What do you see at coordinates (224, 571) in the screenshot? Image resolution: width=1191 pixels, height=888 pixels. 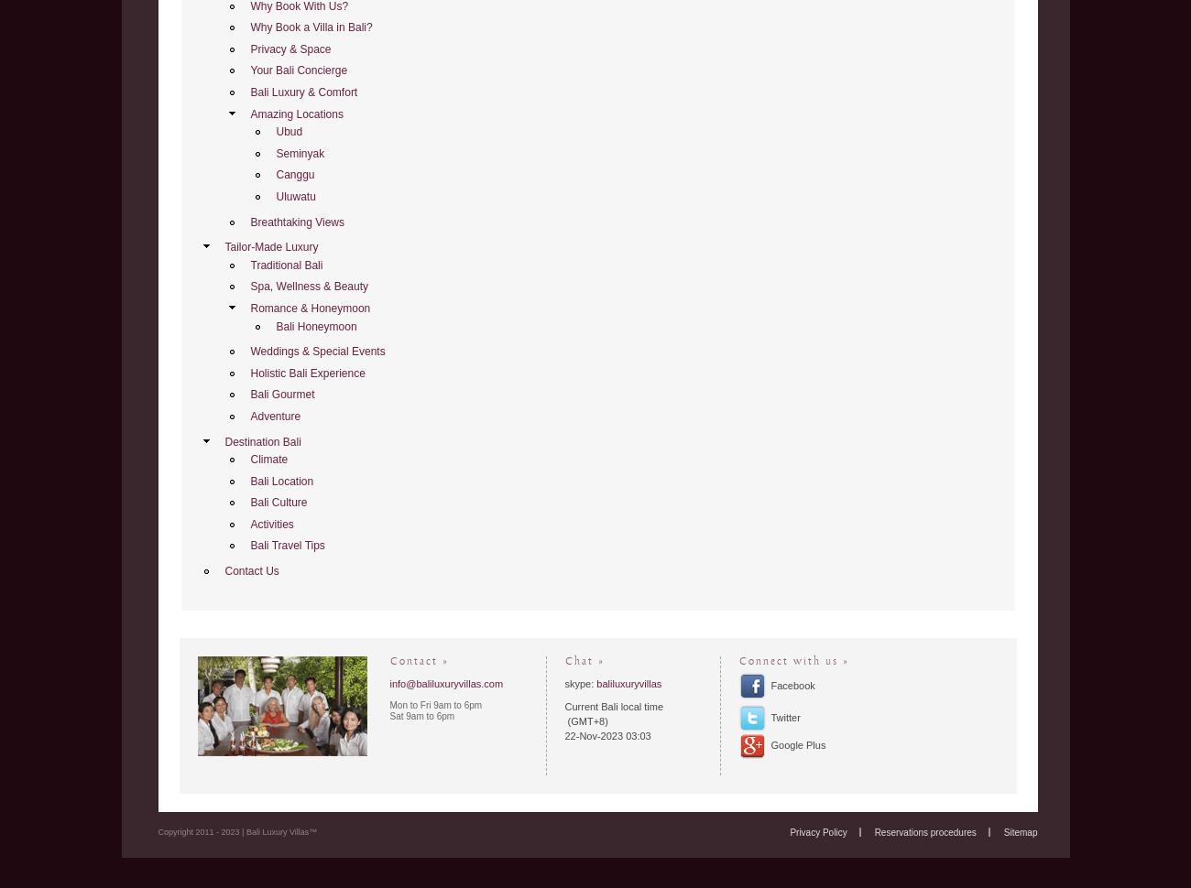 I see `'Contact Us'` at bounding box center [224, 571].